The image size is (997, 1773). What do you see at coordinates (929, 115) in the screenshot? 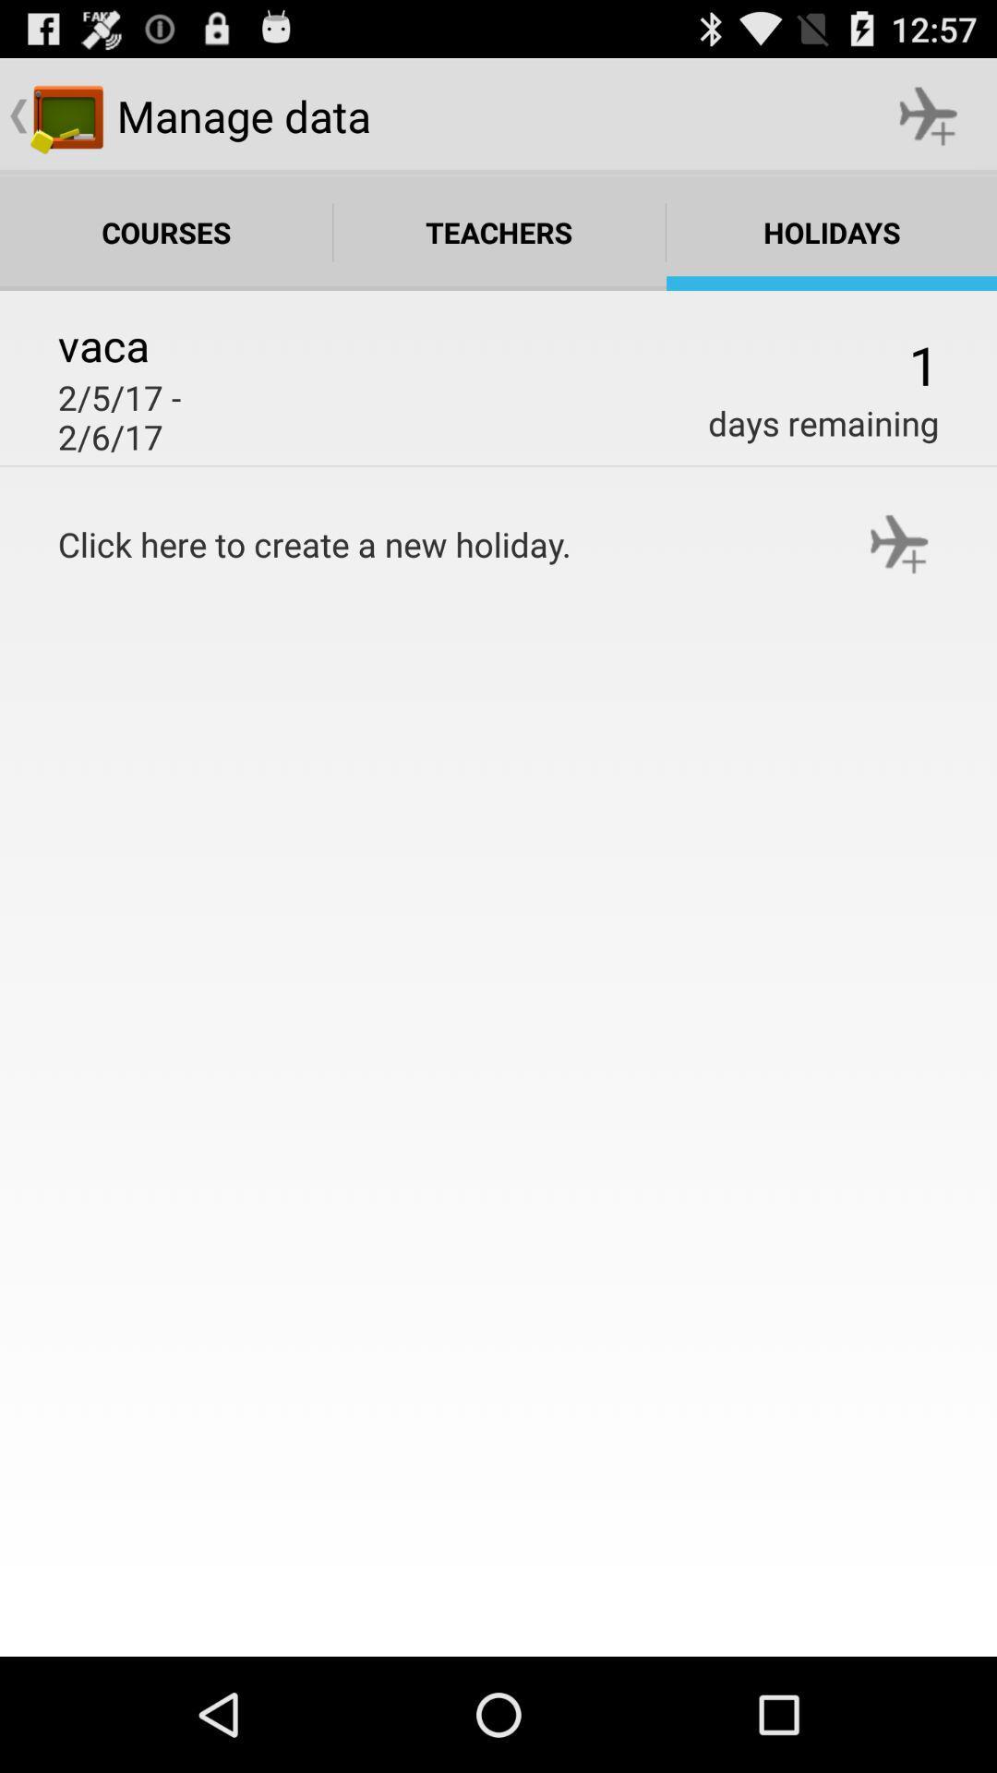
I see `the item to the right of manage data app` at bounding box center [929, 115].